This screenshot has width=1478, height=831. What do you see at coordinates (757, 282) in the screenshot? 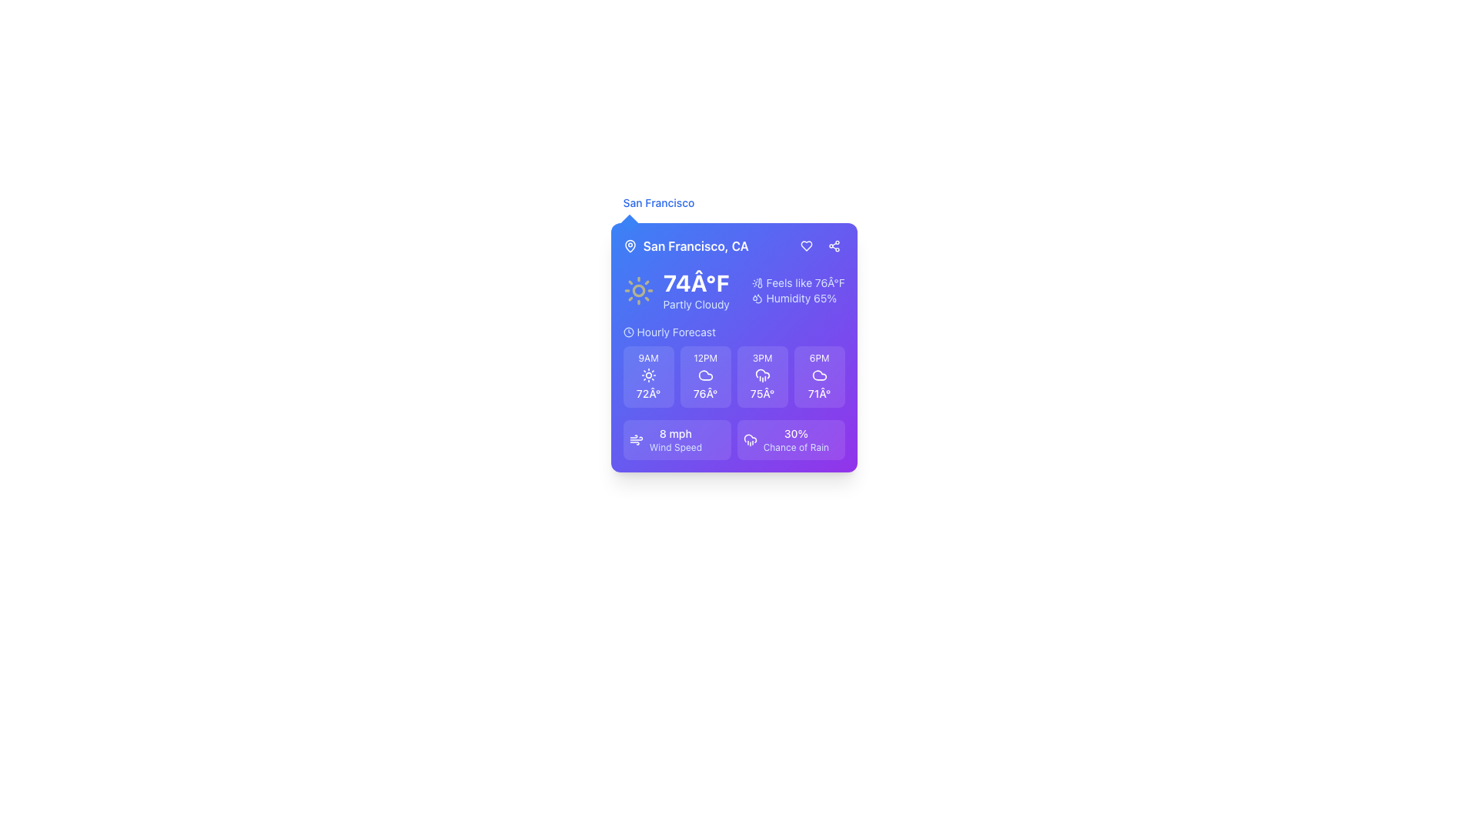
I see `the temperature icon located to the left of the text 'Feels like 76°F' in the upper-right quadrant of the weather card widget` at bounding box center [757, 282].